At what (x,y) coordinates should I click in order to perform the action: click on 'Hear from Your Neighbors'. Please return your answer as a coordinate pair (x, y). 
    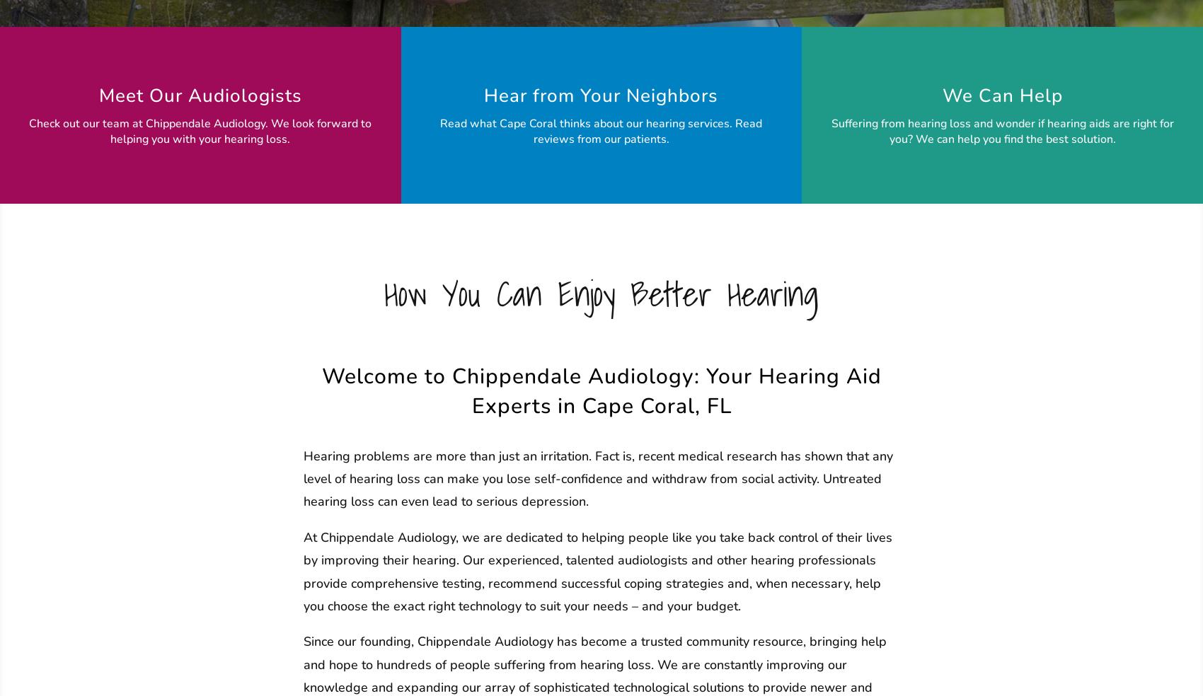
    Looking at the image, I should click on (484, 95).